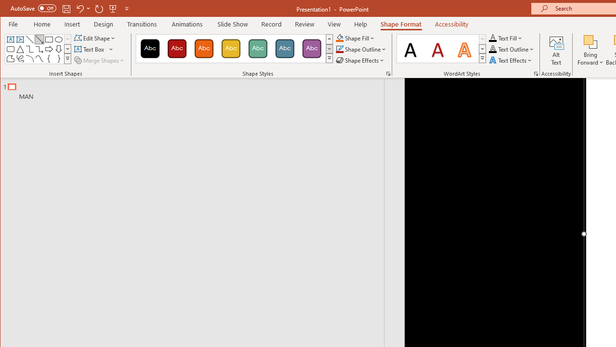 Image resolution: width=616 pixels, height=347 pixels. Describe the element at coordinates (360, 60) in the screenshot. I see `'Shape Effects'` at that location.